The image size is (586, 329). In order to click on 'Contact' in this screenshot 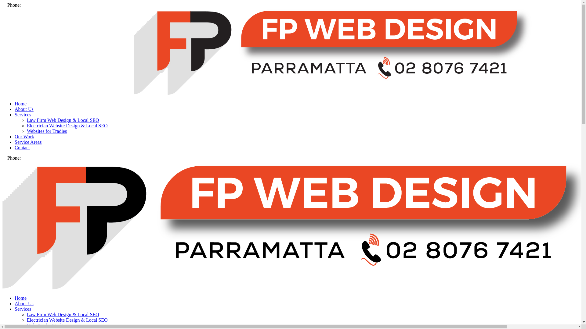, I will do `click(22, 147)`.